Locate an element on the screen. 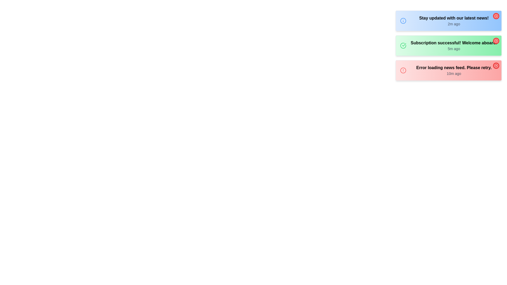 Image resolution: width=507 pixels, height=285 pixels. the notification box displaying 'Subscription successful! Welcome aboard!' is located at coordinates (448, 45).